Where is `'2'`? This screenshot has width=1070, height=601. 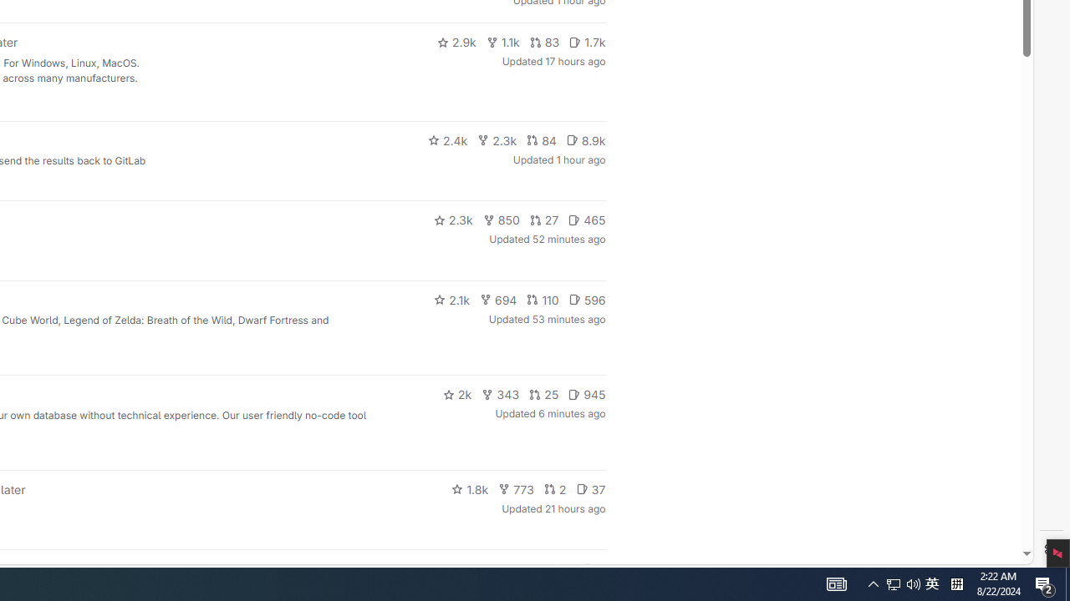 '2' is located at coordinates (555, 488).